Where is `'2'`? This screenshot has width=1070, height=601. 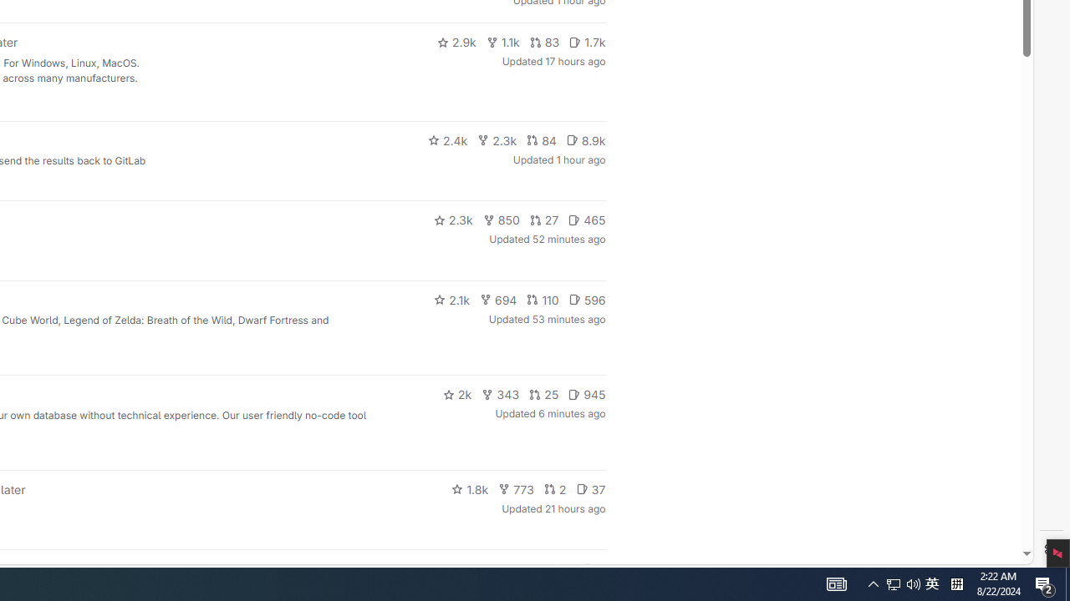 '2' is located at coordinates (555, 488).